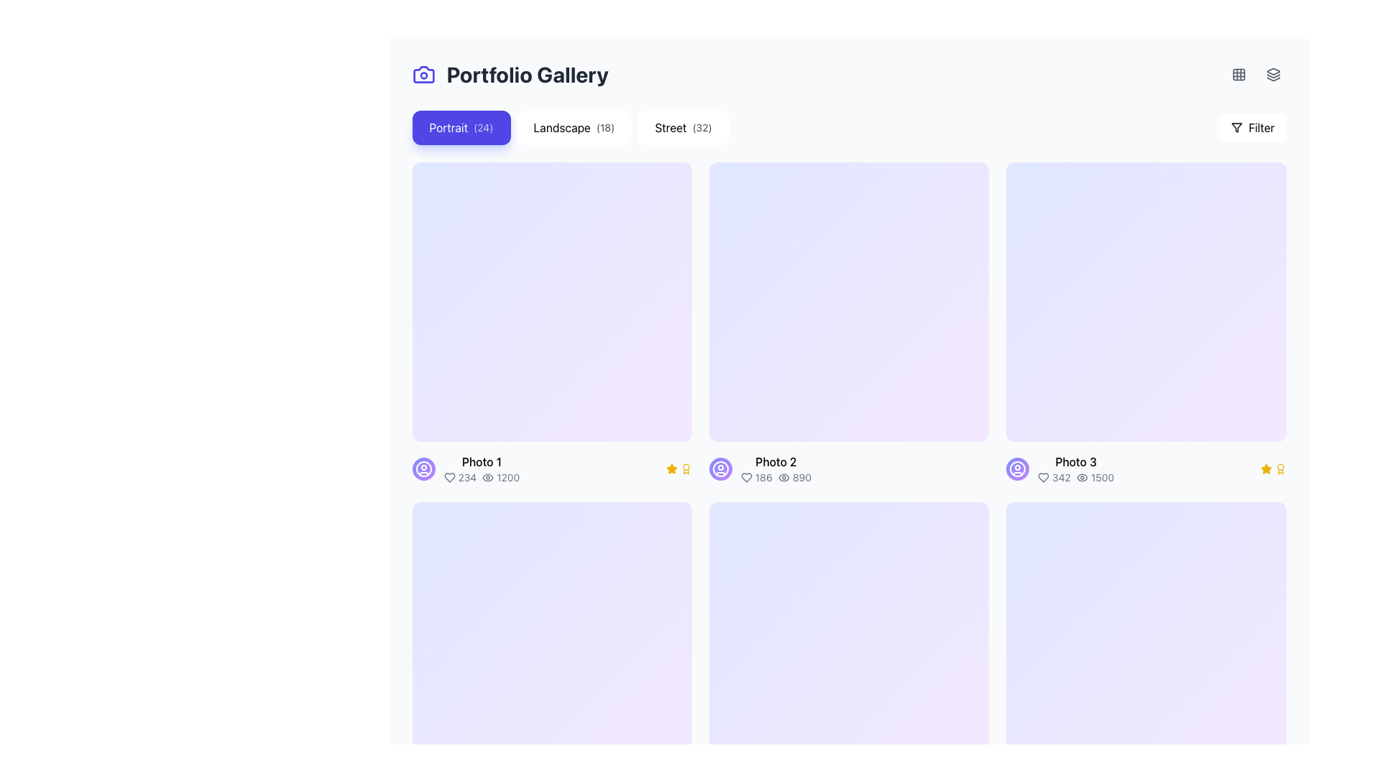 Image resolution: width=1380 pixels, height=776 pixels. I want to click on the statistical indicator displaying the heart icon with '234' and the eye icon with '1200' located below the title 'Photo 1' in the first card of the grid layout, so click(482, 478).